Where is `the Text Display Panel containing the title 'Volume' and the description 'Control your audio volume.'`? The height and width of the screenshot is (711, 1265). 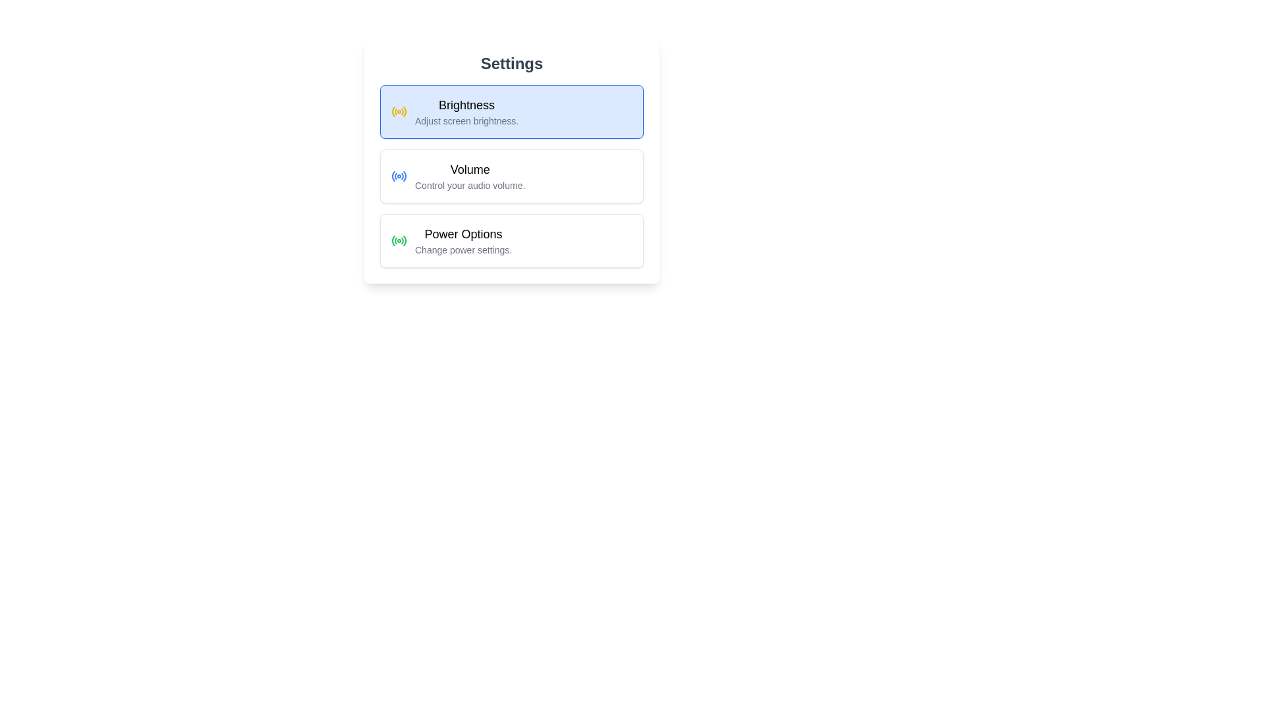
the Text Display Panel containing the title 'Volume' and the description 'Control your audio volume.' is located at coordinates (470, 175).